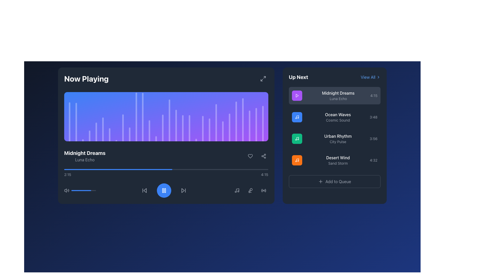  I want to click on the Progress indicator bar located in the lower-left region of the audio playback controls section, which visually represents progress or volume level, so click(81, 191).